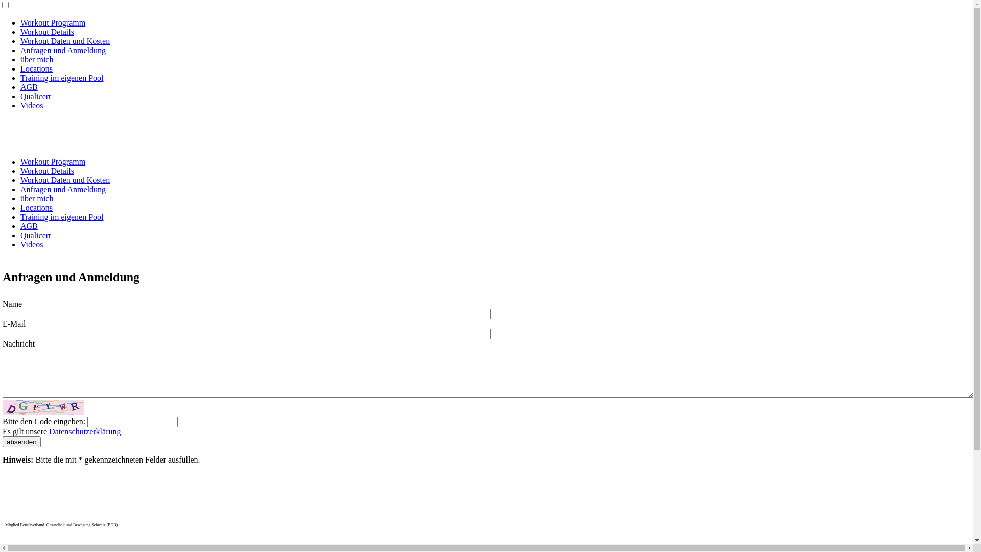  What do you see at coordinates (21, 441) in the screenshot?
I see `'absenden'` at bounding box center [21, 441].